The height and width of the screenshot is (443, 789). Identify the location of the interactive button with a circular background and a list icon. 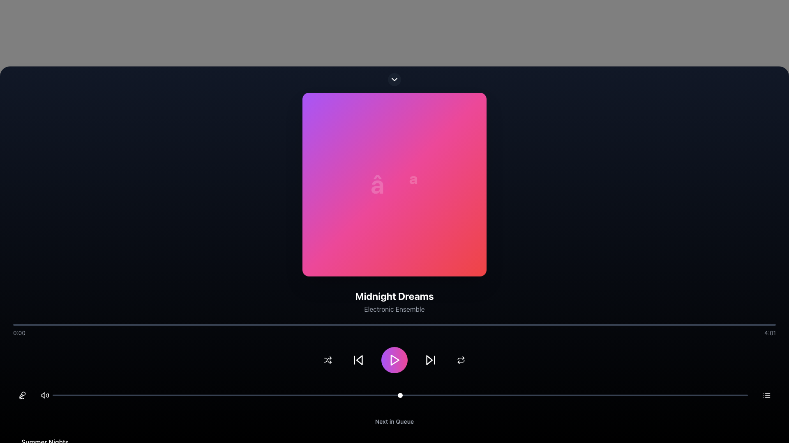
(766, 395).